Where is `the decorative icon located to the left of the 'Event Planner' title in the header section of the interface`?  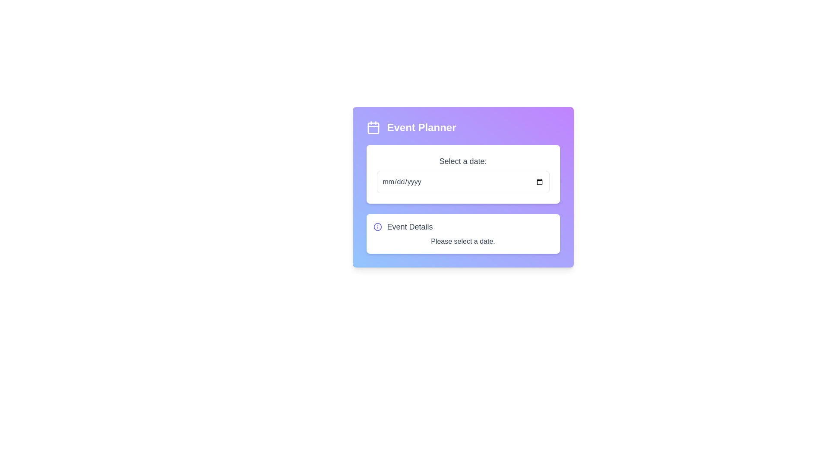 the decorative icon located to the left of the 'Event Planner' title in the header section of the interface is located at coordinates (373, 128).